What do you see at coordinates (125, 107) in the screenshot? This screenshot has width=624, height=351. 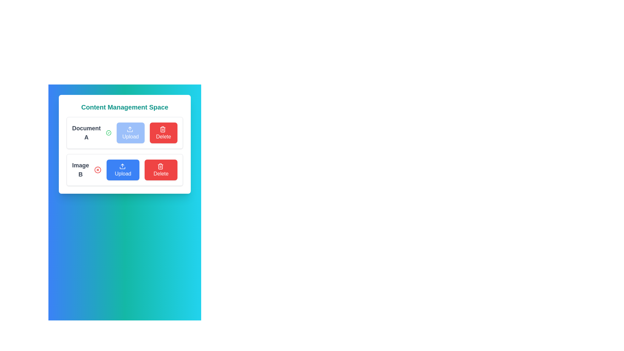 I see `the title text that indicates the context of the interface section, which is centrally aligned above the file management options` at bounding box center [125, 107].